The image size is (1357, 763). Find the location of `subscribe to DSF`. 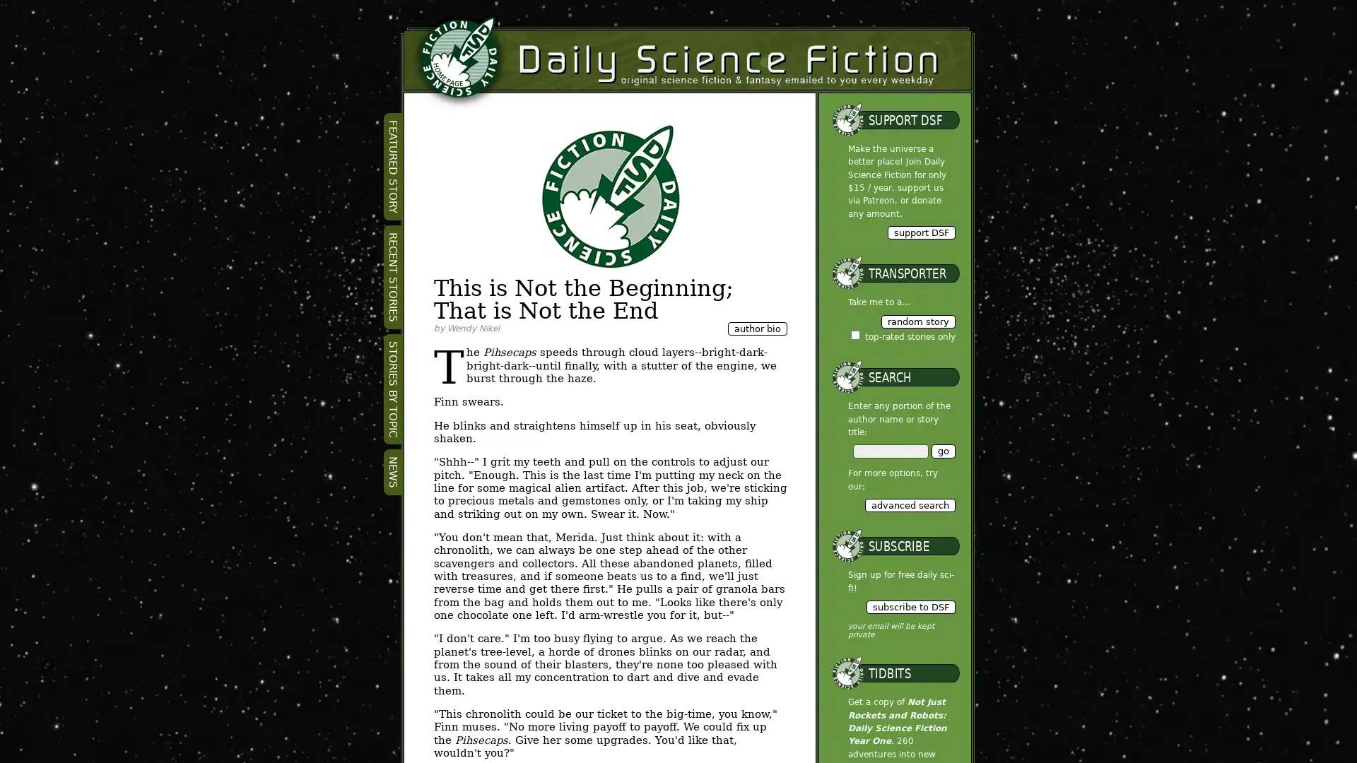

subscribe to DSF is located at coordinates (910, 606).